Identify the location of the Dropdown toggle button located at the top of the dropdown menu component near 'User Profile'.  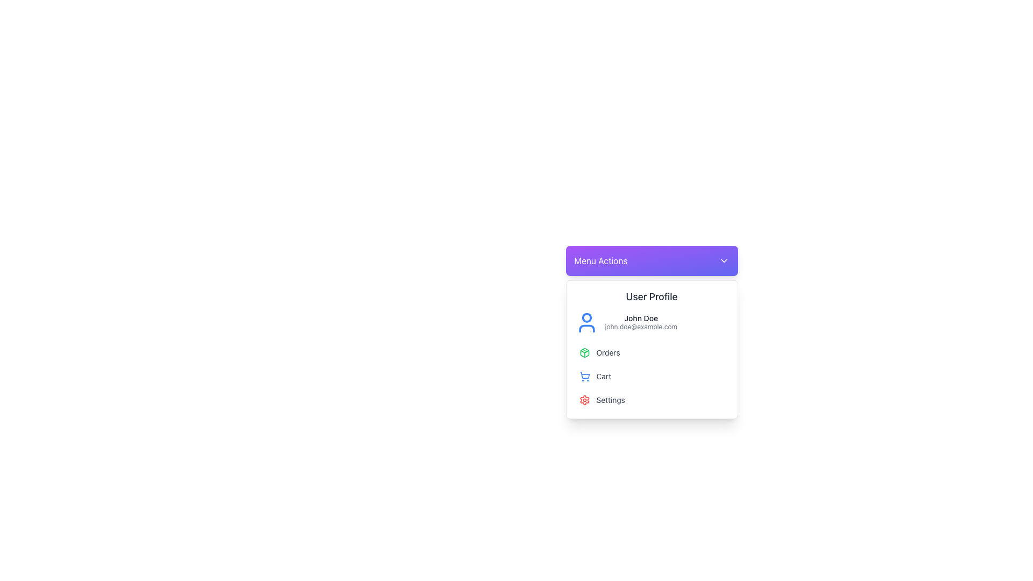
(651, 261).